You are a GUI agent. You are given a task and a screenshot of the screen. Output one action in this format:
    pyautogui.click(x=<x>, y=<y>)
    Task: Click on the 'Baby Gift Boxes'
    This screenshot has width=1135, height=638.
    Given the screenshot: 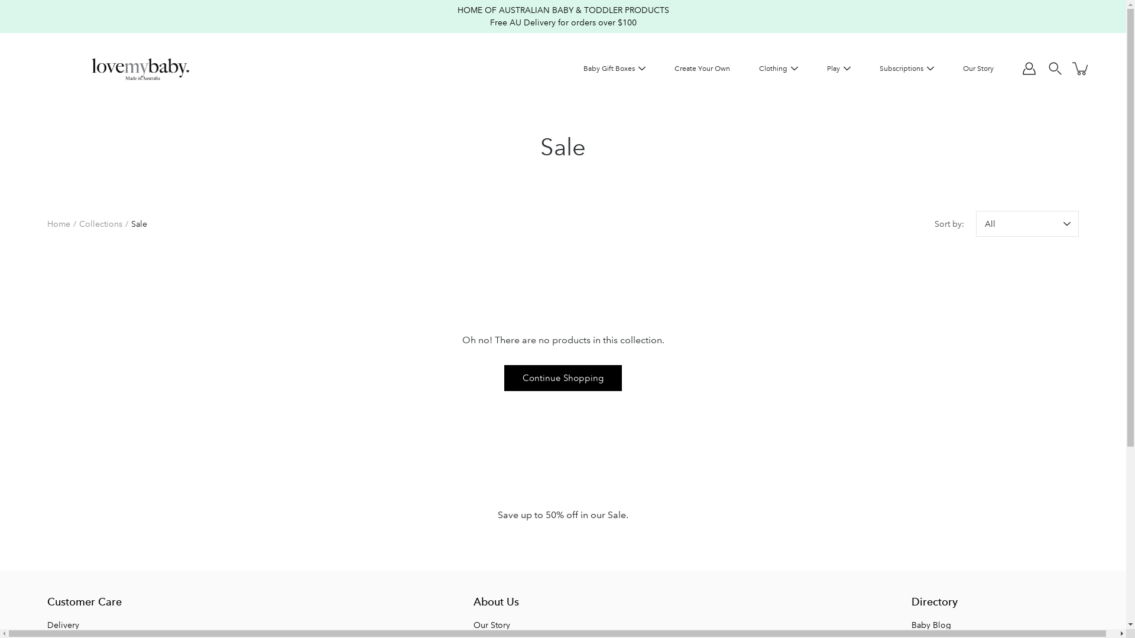 What is the action you would take?
    pyautogui.click(x=609, y=69)
    